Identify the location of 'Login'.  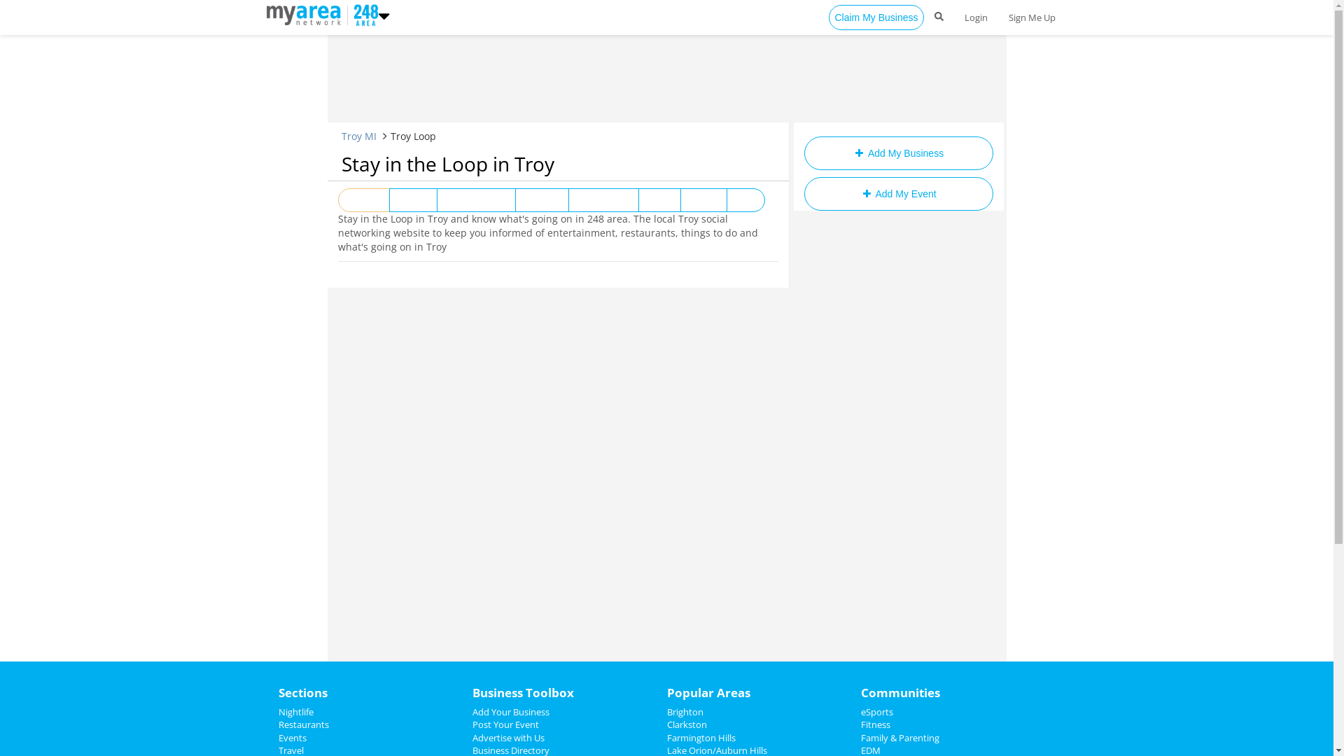
(974, 17).